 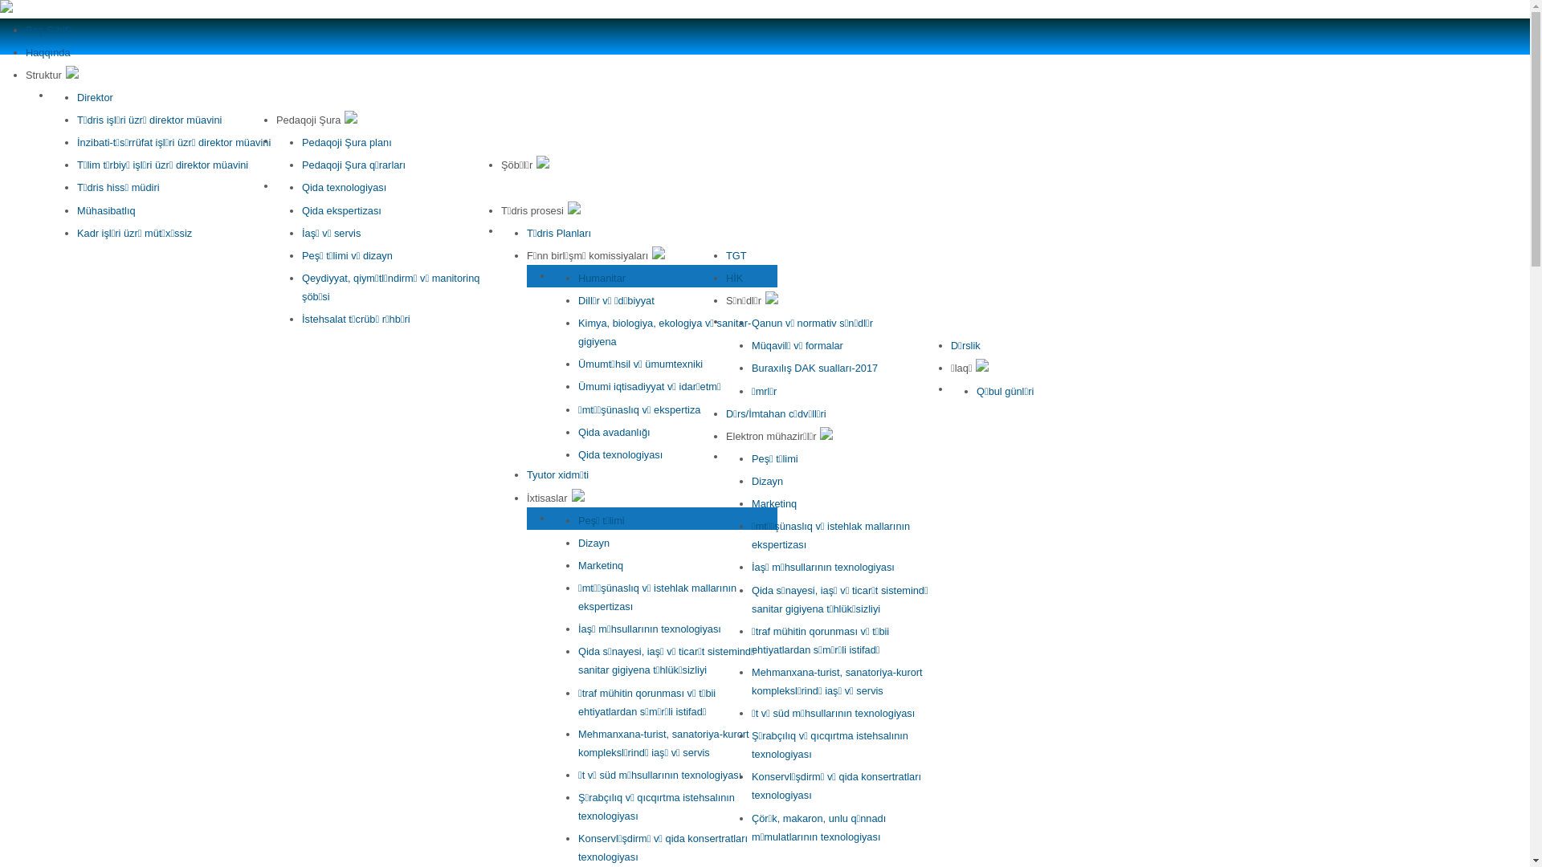 I want to click on 'TGT', so click(x=735, y=254).